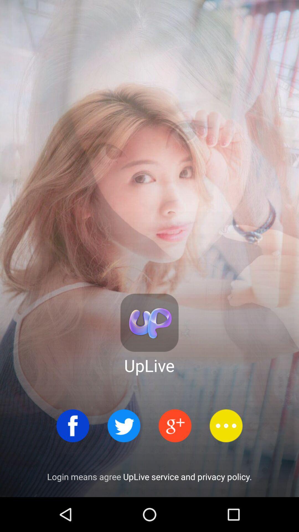 This screenshot has width=299, height=532. Describe the element at coordinates (123, 425) in the screenshot. I see `the twitter icon` at that location.